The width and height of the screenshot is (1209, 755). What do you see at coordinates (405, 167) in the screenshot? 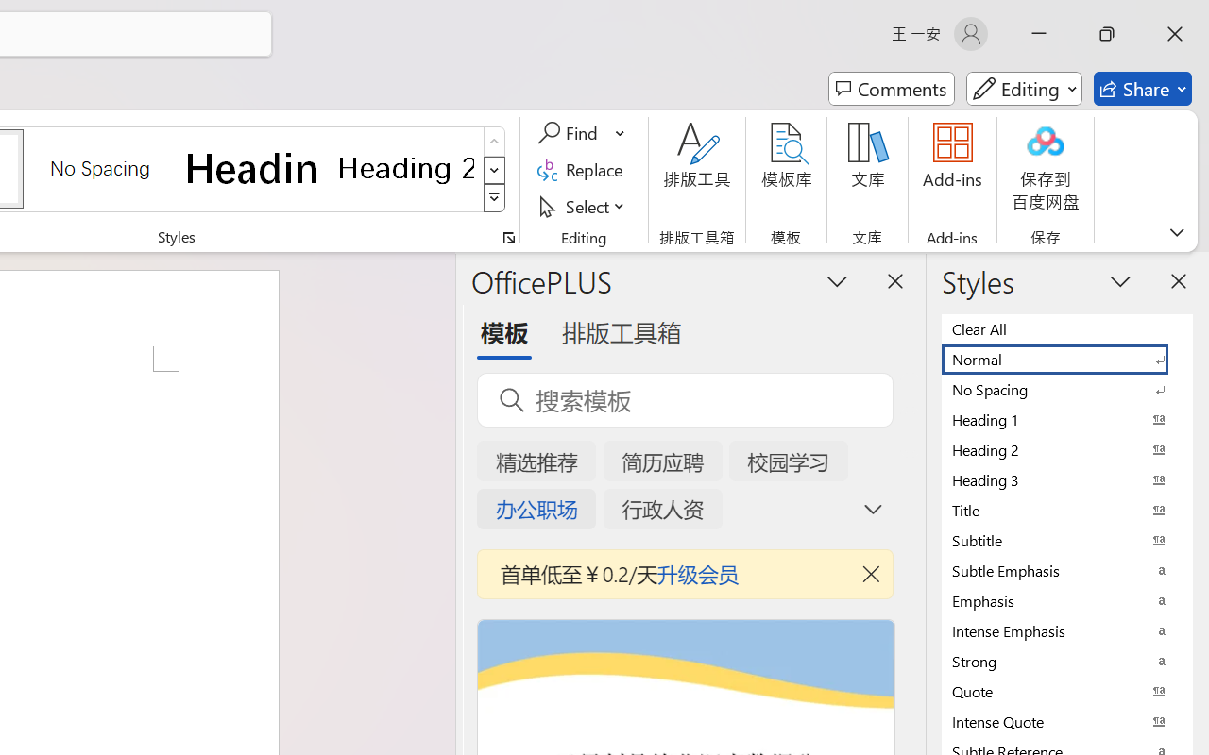
I see `'Heading 2'` at bounding box center [405, 167].